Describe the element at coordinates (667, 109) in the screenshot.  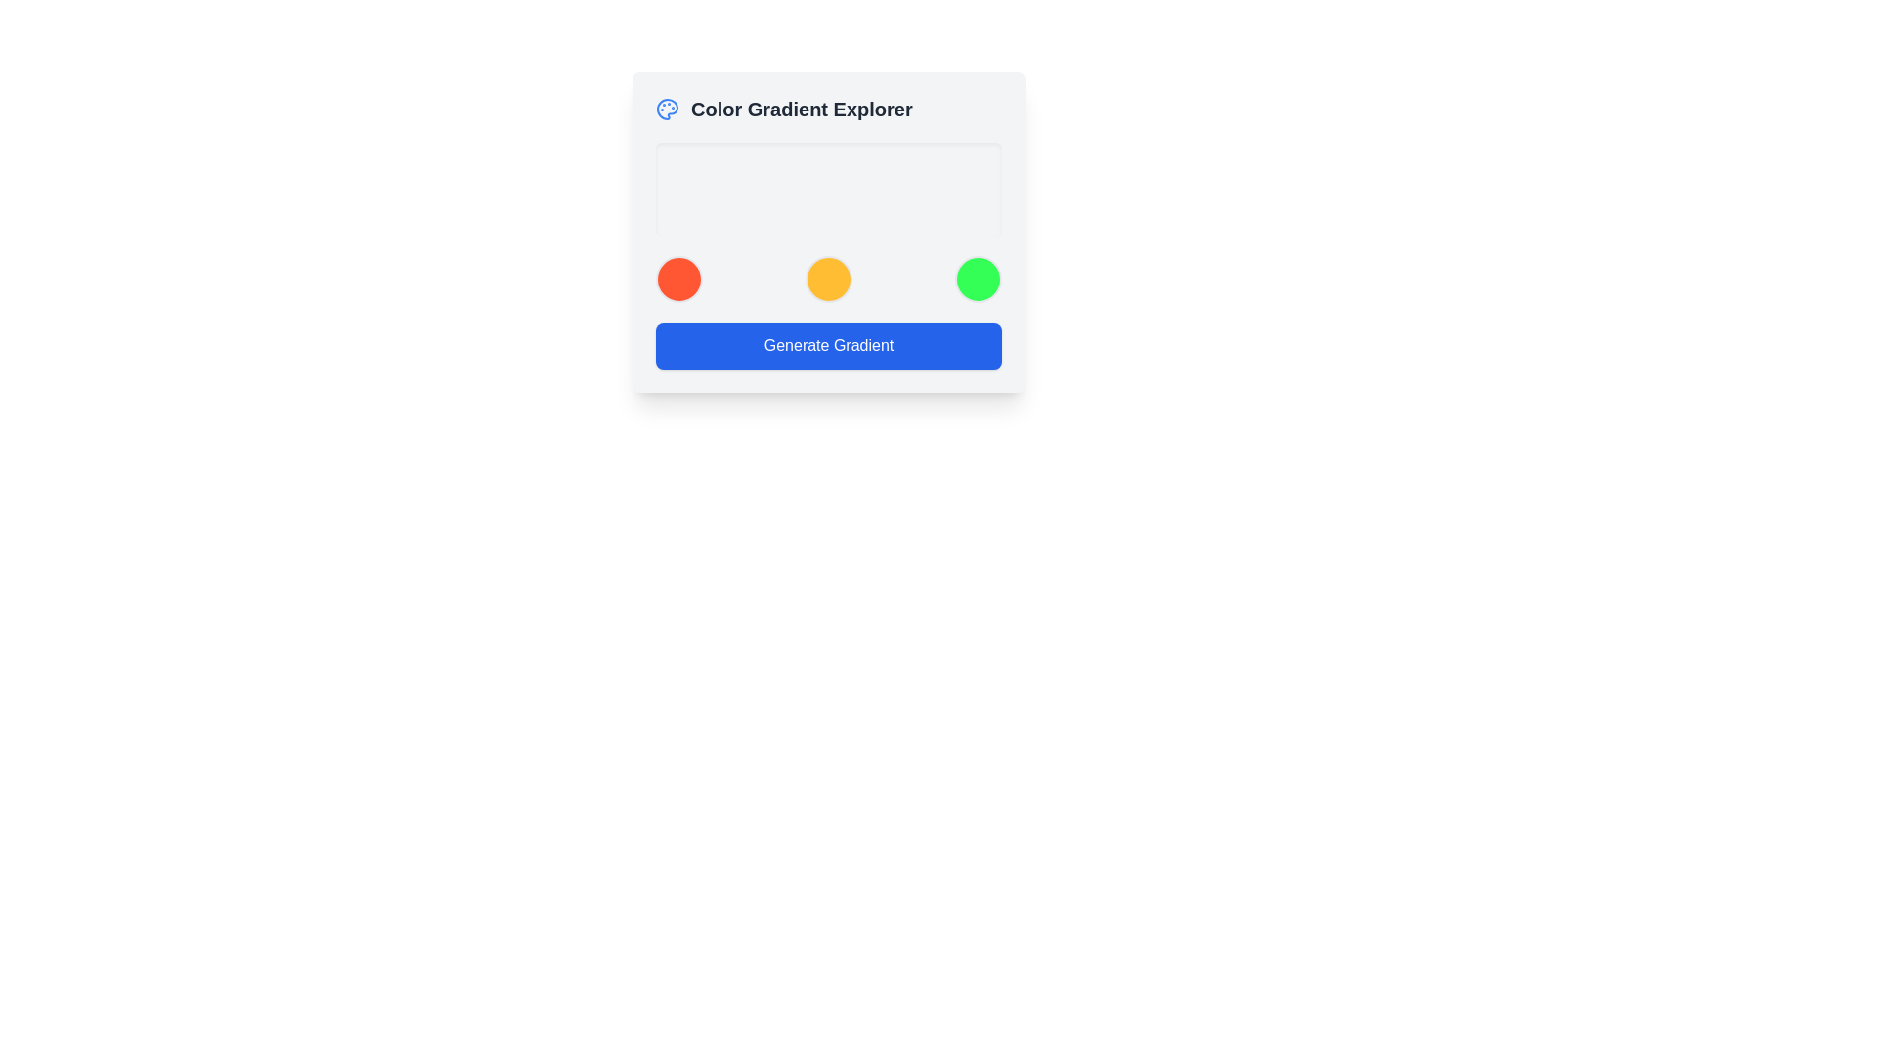
I see `the SVG palette icon representing the 'Color Gradient Explorer' functionality, serving as a visual anchor for surrounding elements` at that location.